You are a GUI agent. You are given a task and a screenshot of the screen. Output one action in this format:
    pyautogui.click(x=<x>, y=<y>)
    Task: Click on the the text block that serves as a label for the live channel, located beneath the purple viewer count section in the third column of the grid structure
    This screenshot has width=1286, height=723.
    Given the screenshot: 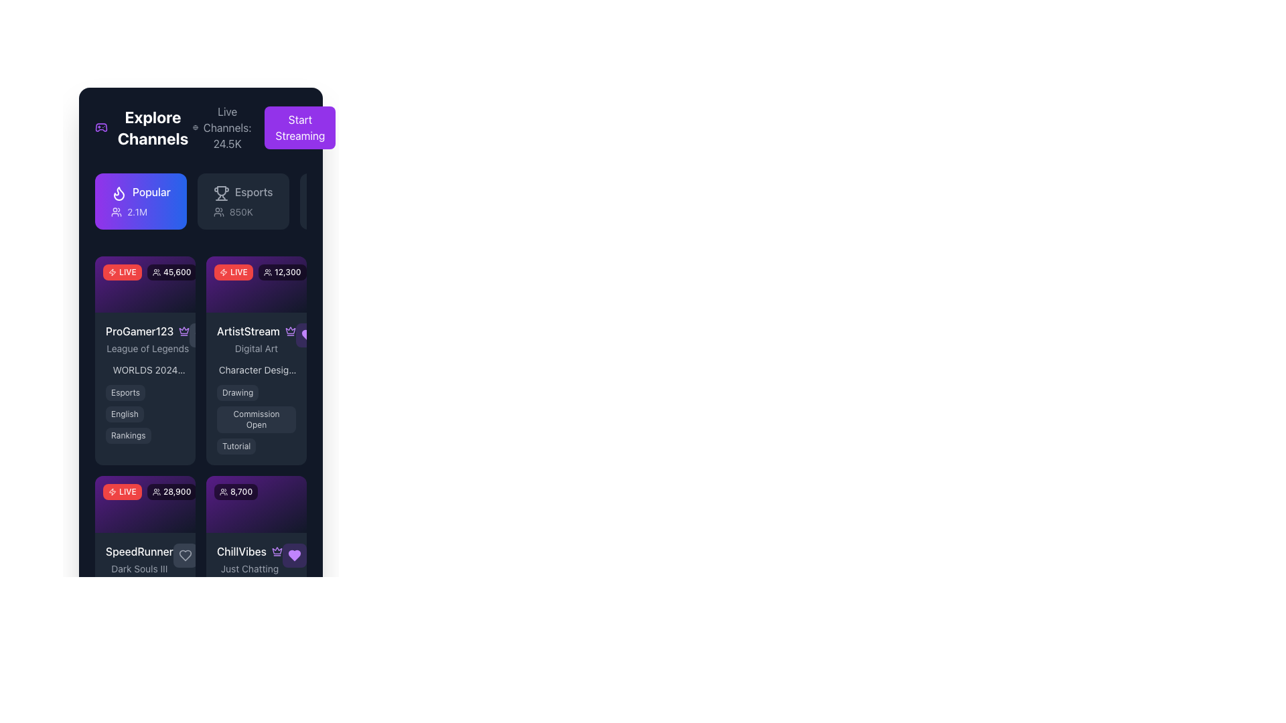 What is the action you would take?
    pyautogui.click(x=250, y=559)
    